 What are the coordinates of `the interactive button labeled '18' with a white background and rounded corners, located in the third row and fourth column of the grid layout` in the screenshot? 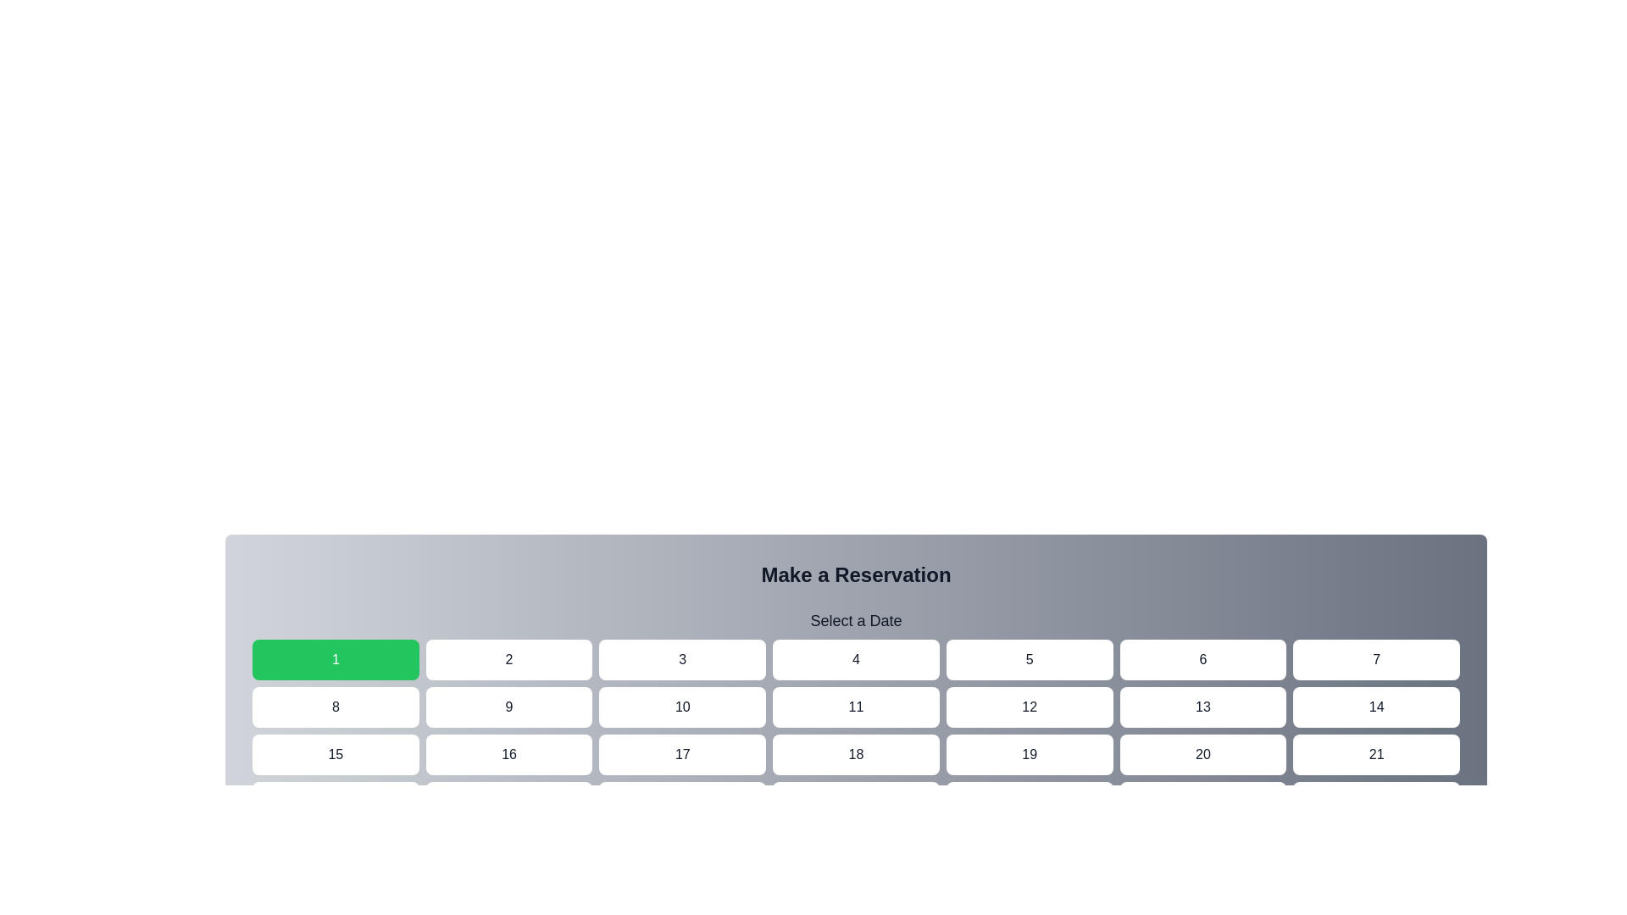 It's located at (856, 754).